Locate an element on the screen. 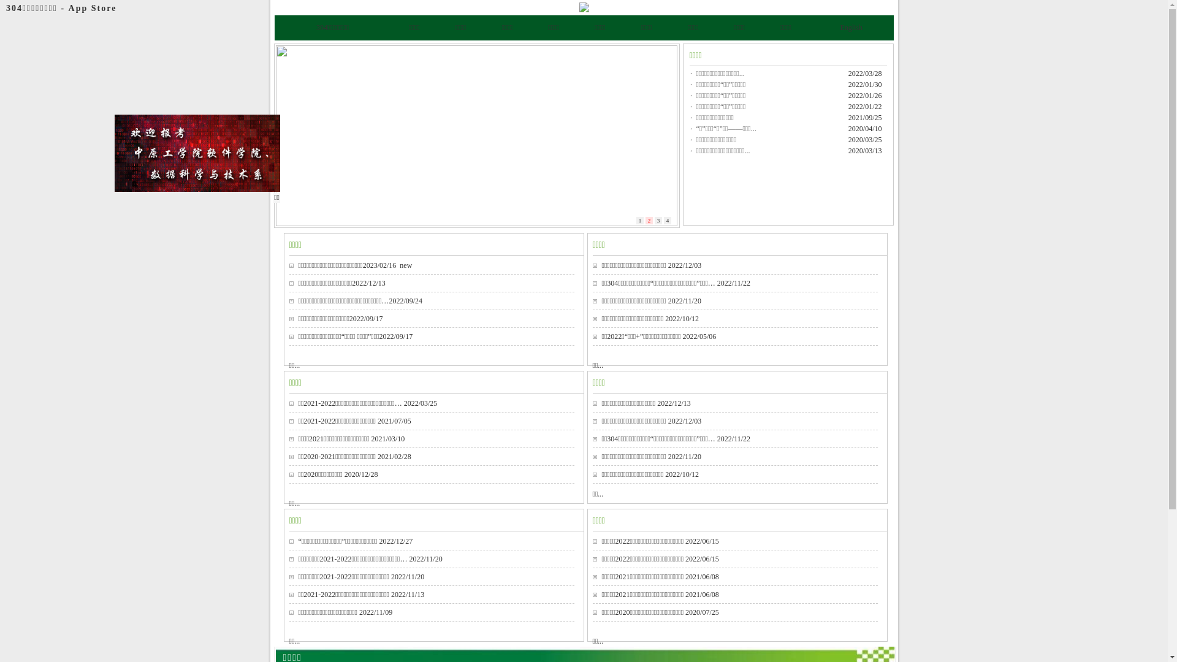 The image size is (1177, 662). ' English ' is located at coordinates (850, 28).